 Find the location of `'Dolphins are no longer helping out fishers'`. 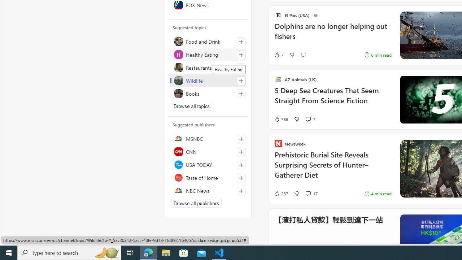

'Dolphins are no longer helping out fishers' is located at coordinates (332, 35).